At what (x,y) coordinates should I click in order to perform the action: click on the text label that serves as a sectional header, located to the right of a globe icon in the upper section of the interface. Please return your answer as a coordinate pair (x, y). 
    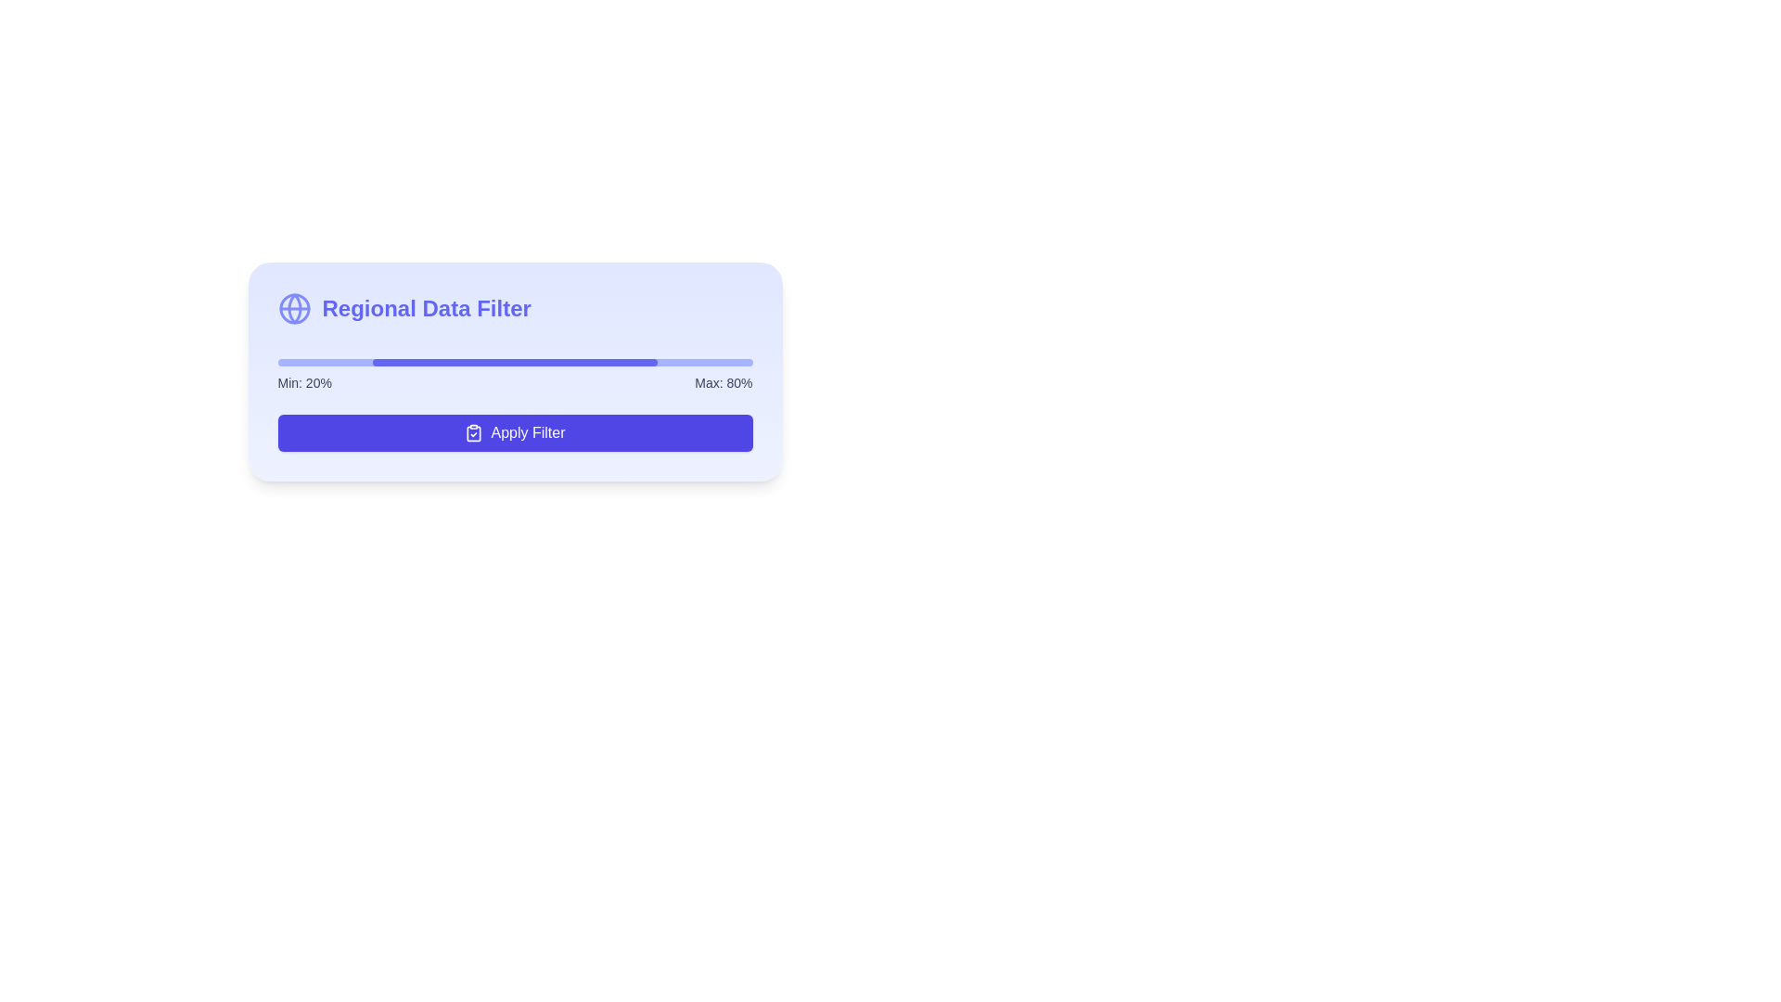
    Looking at the image, I should click on (426, 307).